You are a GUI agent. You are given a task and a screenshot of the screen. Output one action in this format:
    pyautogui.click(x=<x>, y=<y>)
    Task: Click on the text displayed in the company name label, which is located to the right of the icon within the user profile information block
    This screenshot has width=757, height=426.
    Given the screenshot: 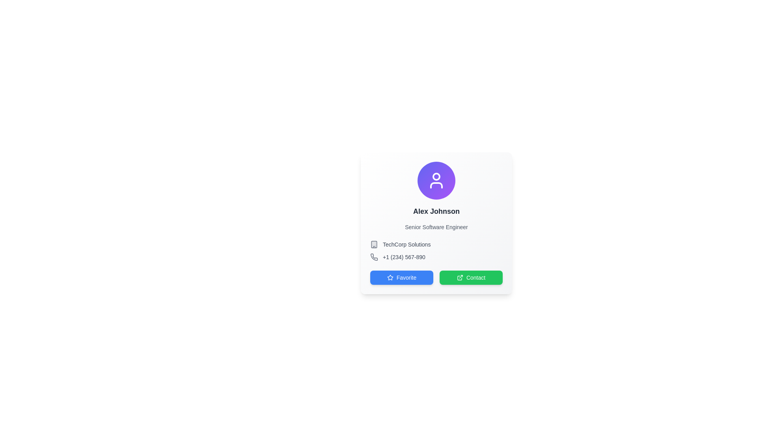 What is the action you would take?
    pyautogui.click(x=406, y=244)
    